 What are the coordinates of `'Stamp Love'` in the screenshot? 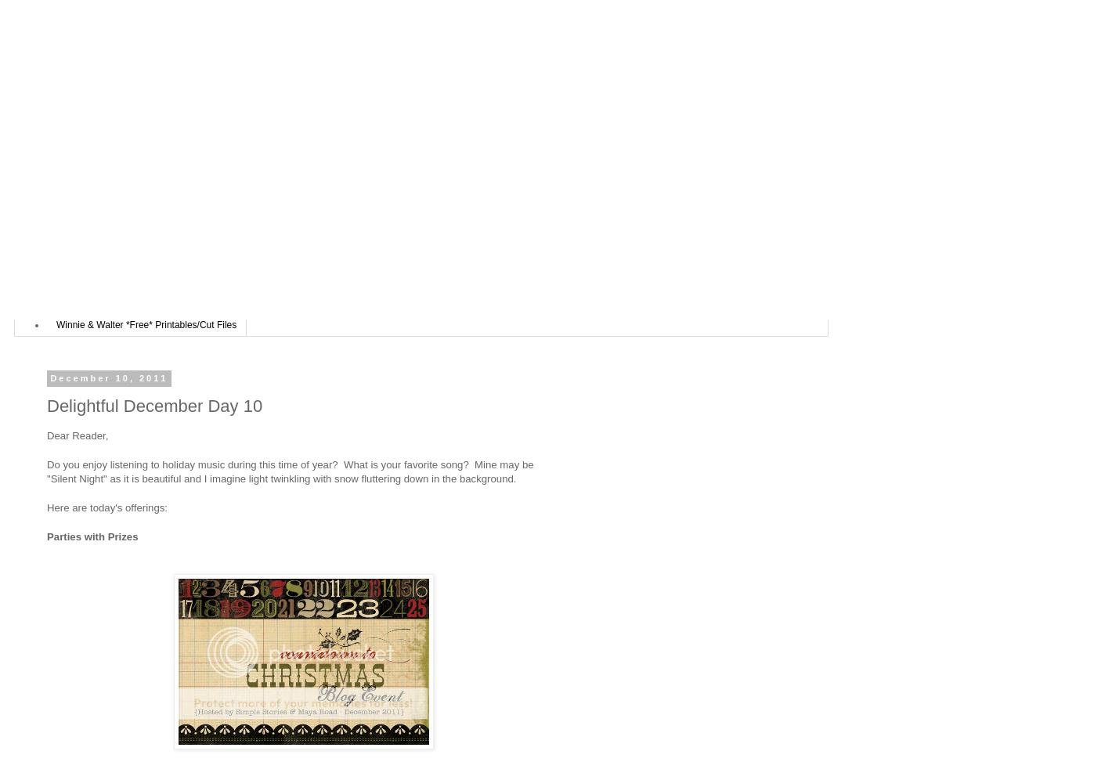 It's located at (80, 302).